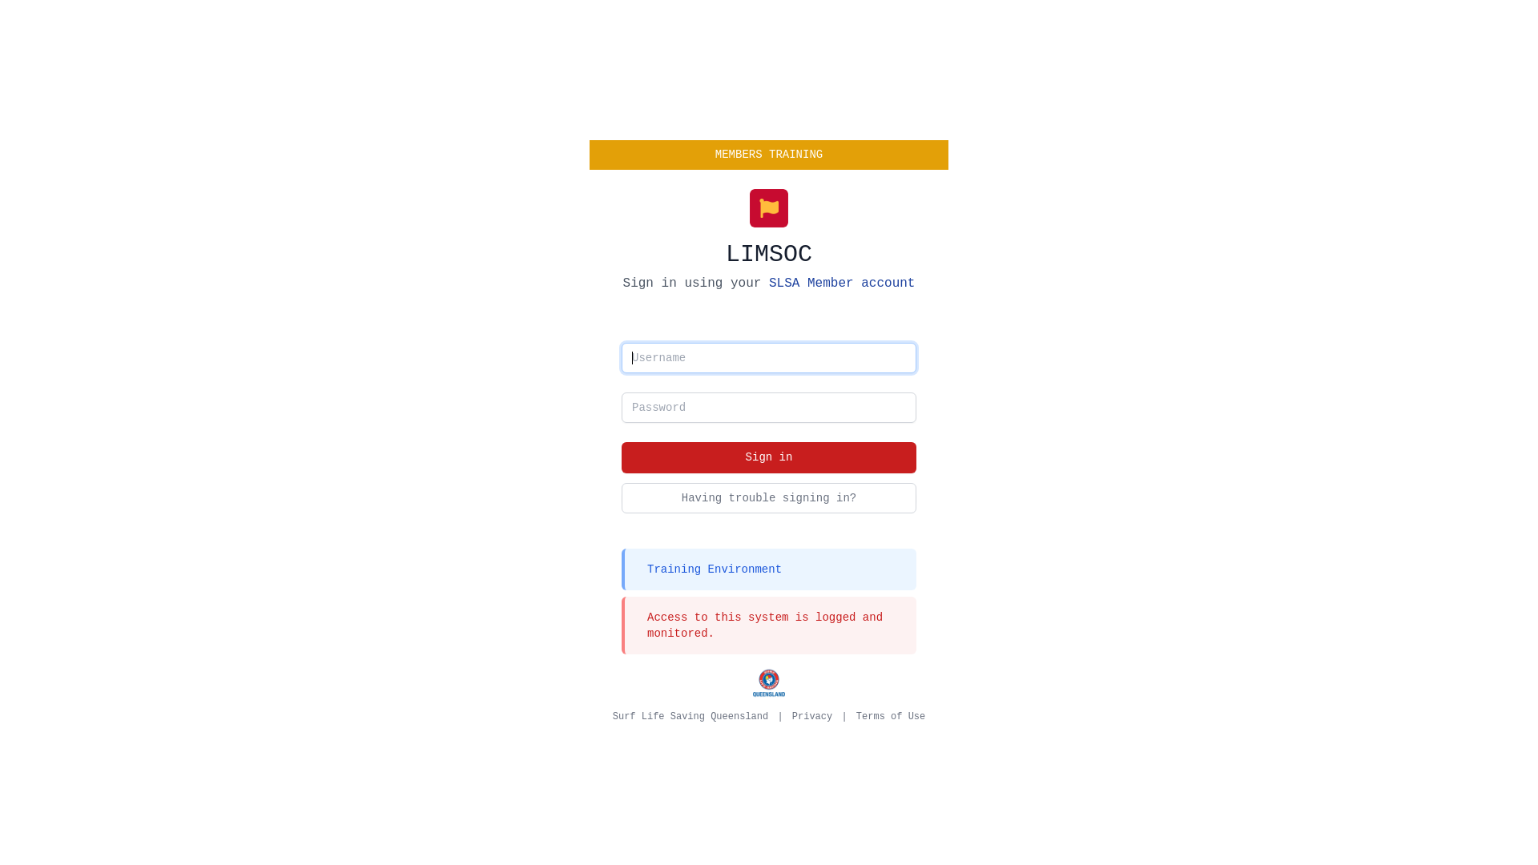 The width and height of the screenshot is (1538, 865). What do you see at coordinates (811, 715) in the screenshot?
I see `'Privacy'` at bounding box center [811, 715].